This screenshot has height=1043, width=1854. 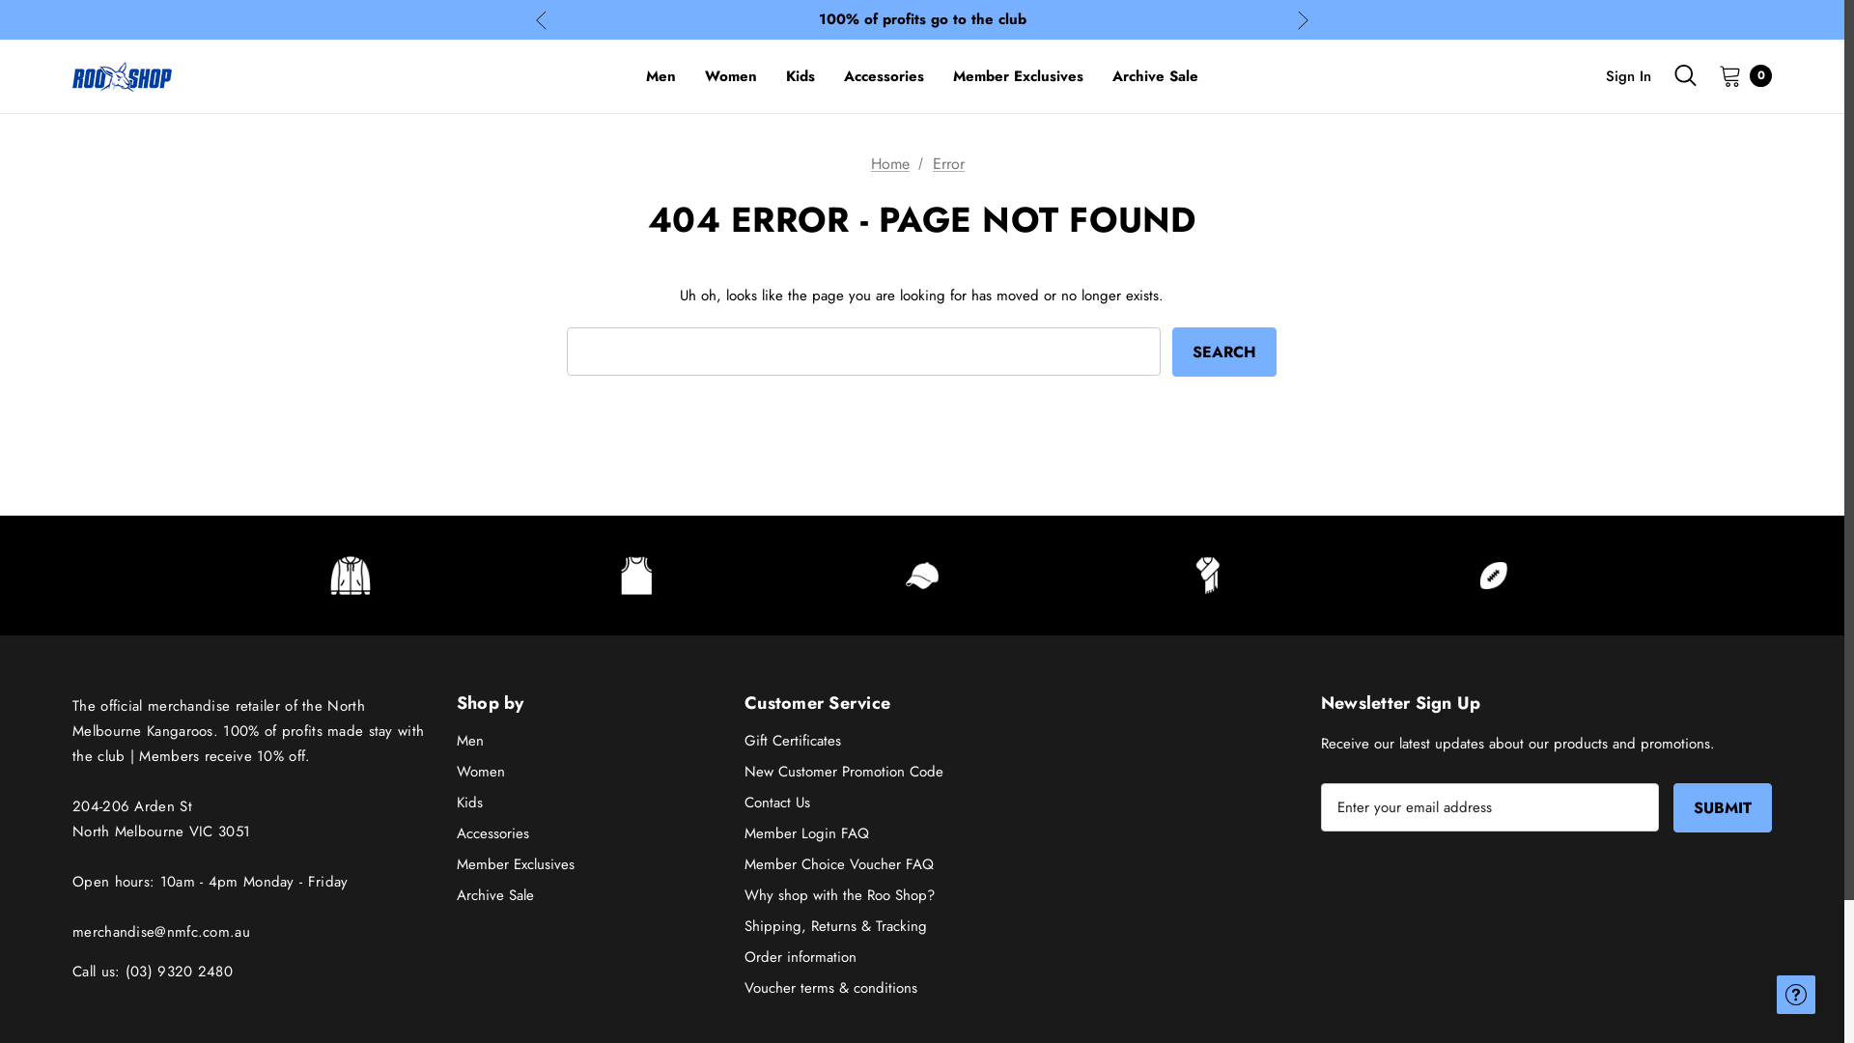 I want to click on 'Member Exclusives', so click(x=515, y=862).